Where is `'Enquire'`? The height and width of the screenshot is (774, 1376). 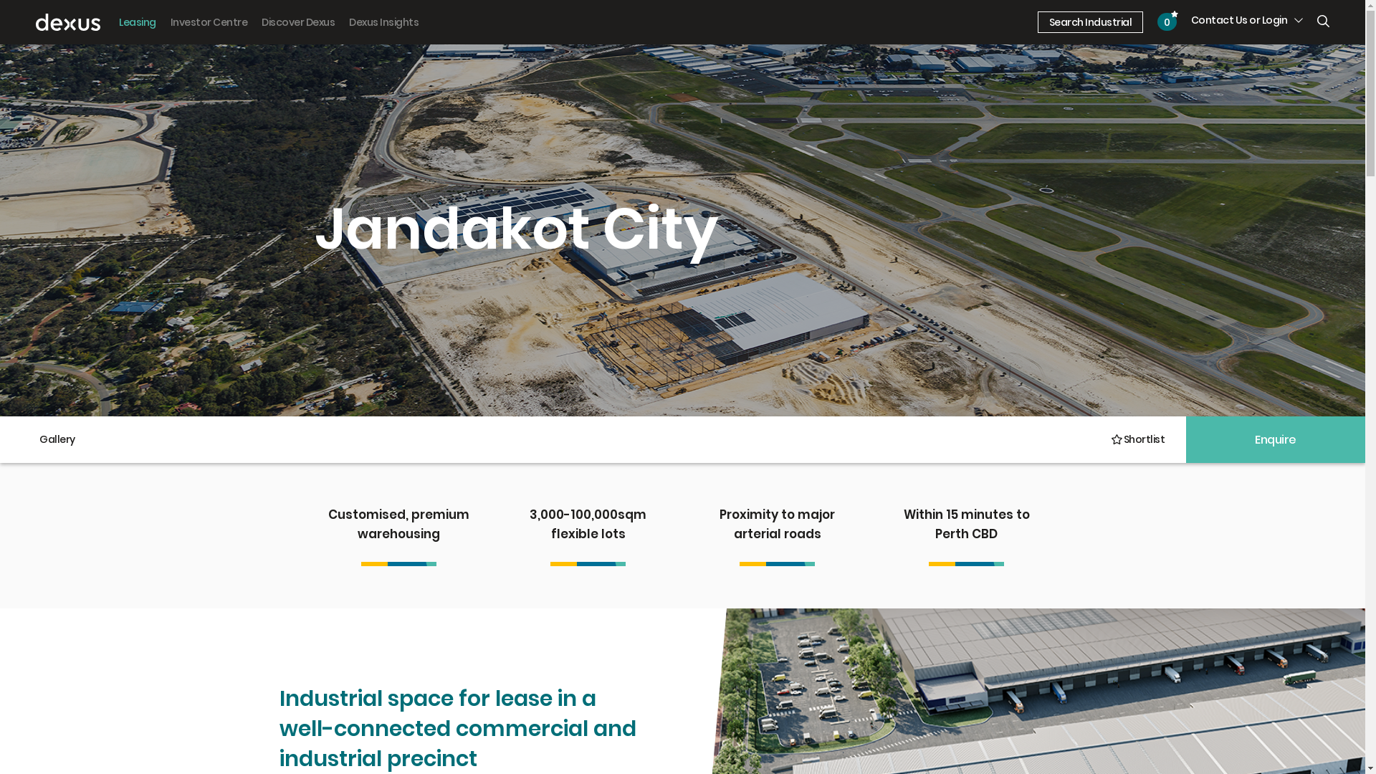 'Enquire' is located at coordinates (1276, 439).